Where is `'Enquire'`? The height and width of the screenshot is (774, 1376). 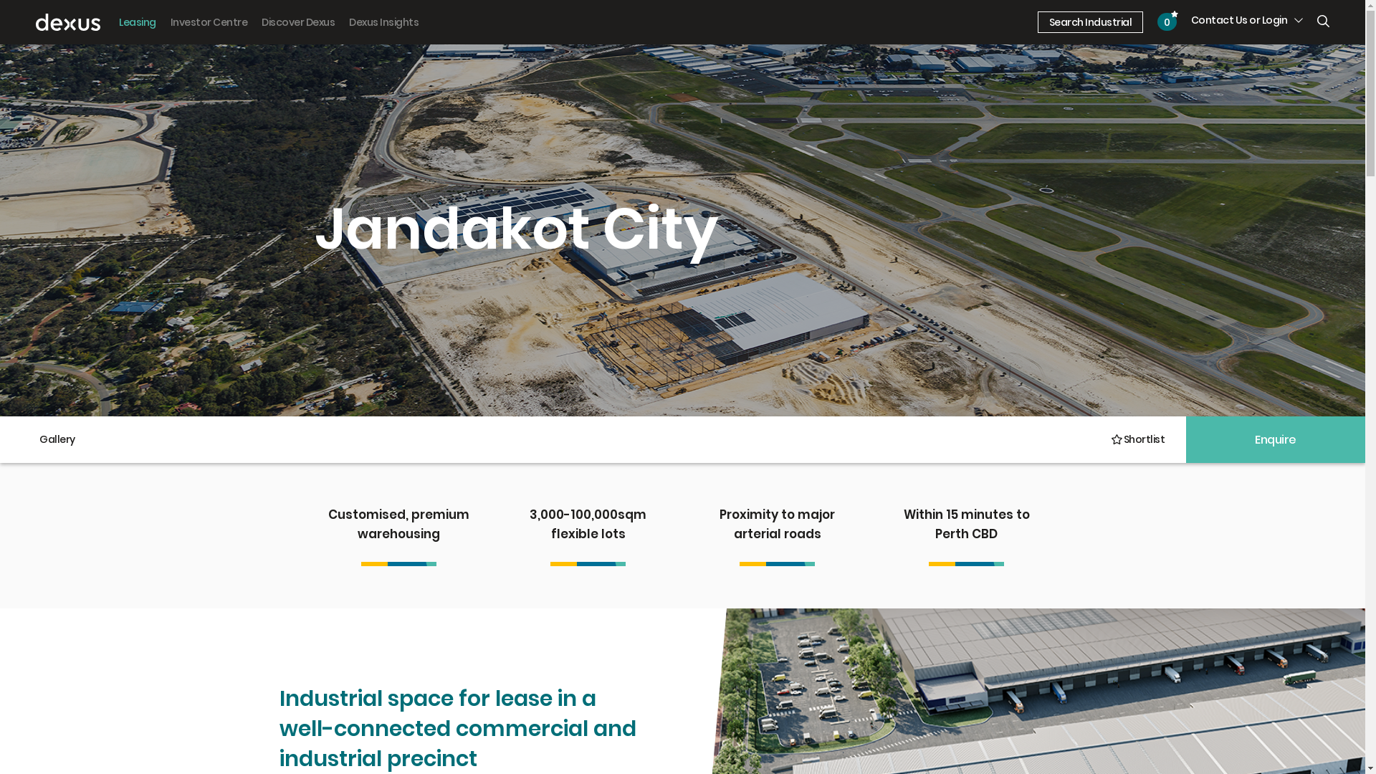 'Enquire' is located at coordinates (1276, 439).